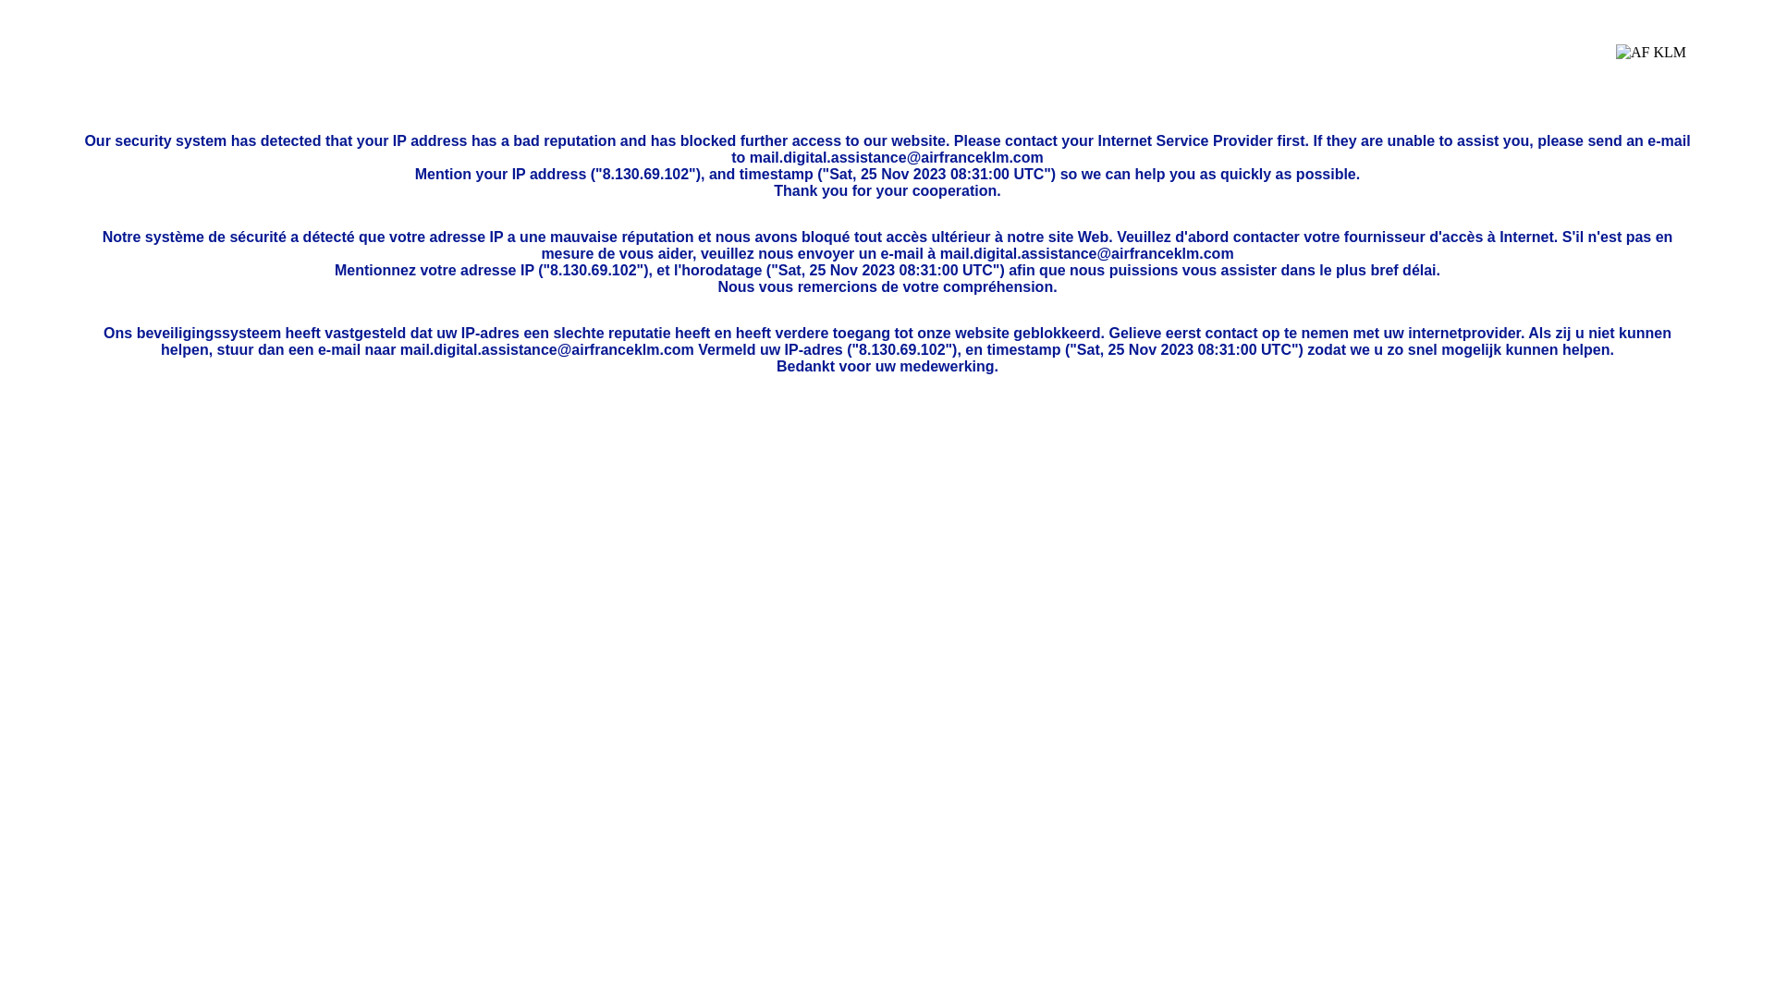 This screenshot has height=998, width=1775. What do you see at coordinates (1650, 66) in the screenshot?
I see `'AF KLM'` at bounding box center [1650, 66].